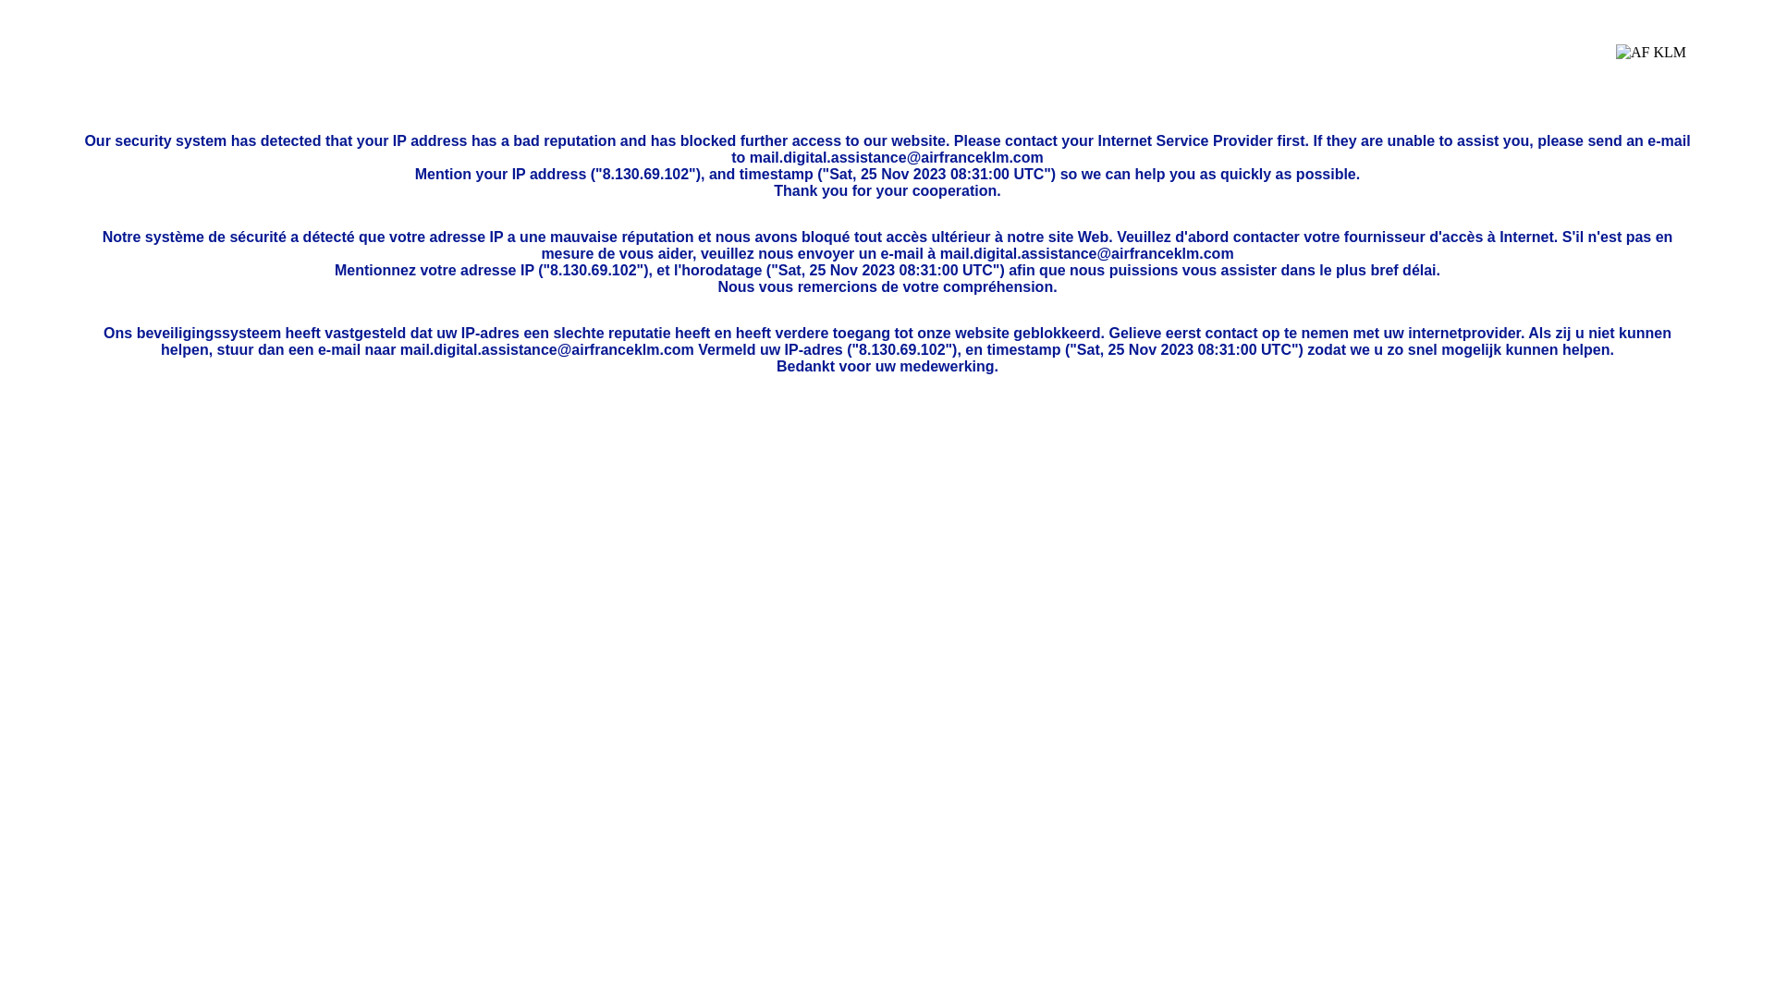 This screenshot has height=998, width=1775. What do you see at coordinates (1650, 66) in the screenshot?
I see `'AF KLM'` at bounding box center [1650, 66].